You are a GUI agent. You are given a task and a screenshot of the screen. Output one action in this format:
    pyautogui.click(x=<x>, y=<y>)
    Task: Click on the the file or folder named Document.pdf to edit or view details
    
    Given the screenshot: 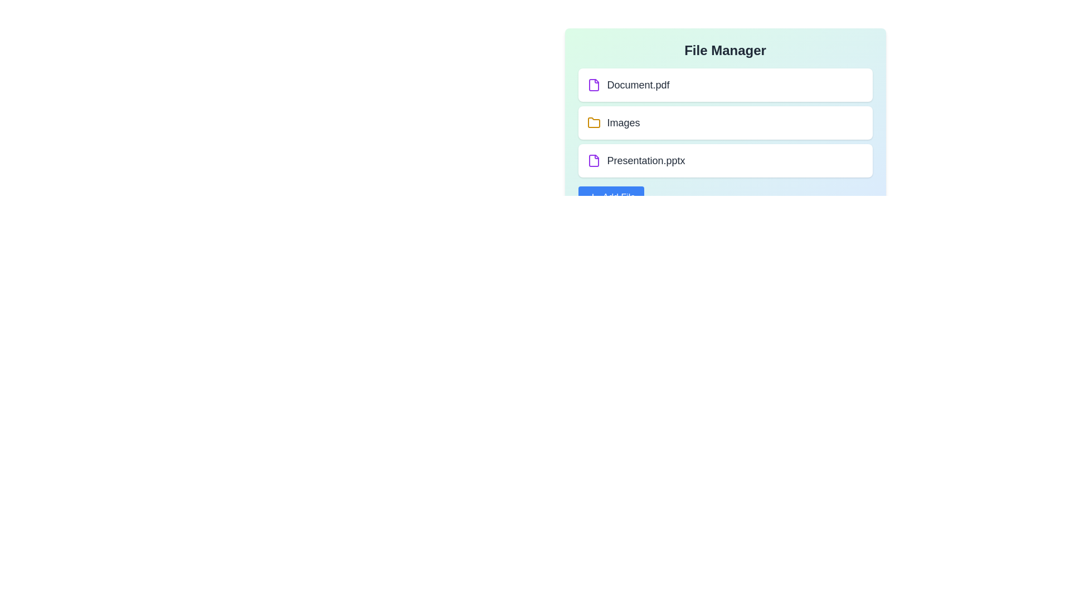 What is the action you would take?
    pyautogui.click(x=725, y=85)
    